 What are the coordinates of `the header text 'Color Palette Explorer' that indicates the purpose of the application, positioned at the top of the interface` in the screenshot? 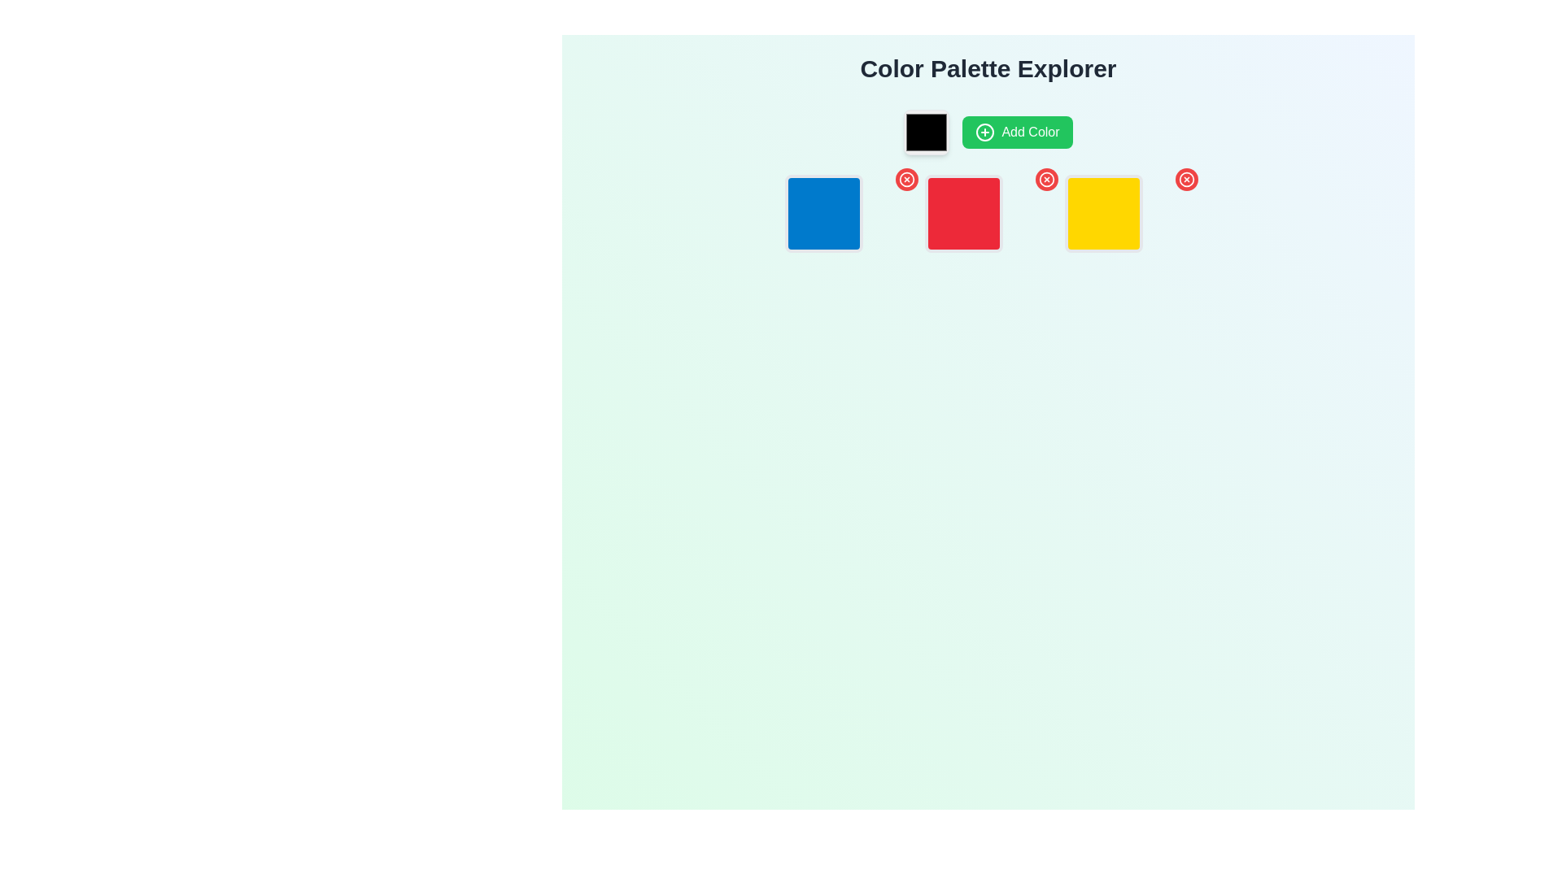 It's located at (987, 67).